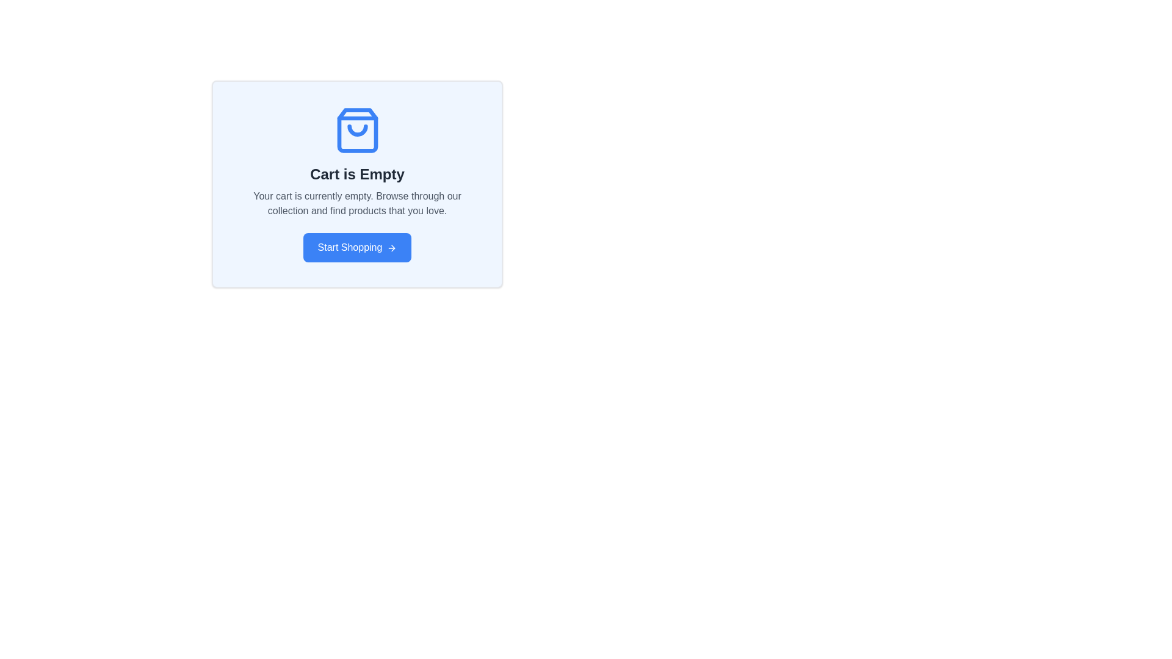 This screenshot has height=659, width=1172. Describe the element at coordinates (356, 203) in the screenshot. I see `the text block displaying the message 'Your cart is currently empty. Browse through our collection and find products that you love.' which is located below the 'Cart is Empty' heading and above the 'Start Shopping' button` at that location.